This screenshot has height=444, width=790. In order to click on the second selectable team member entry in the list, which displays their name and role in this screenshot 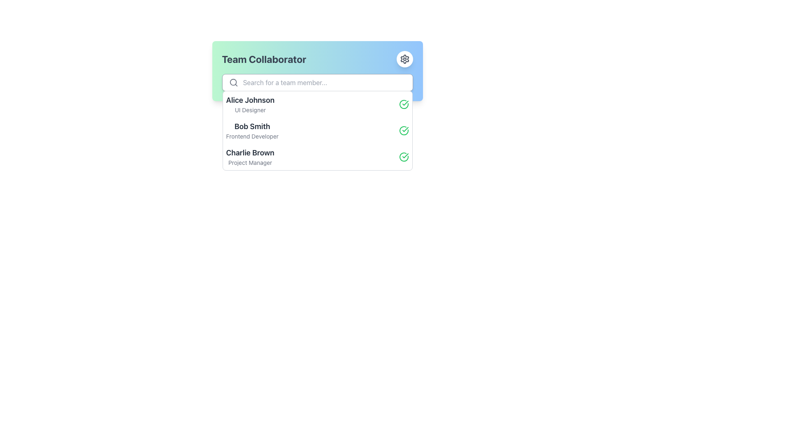, I will do `click(317, 130)`.